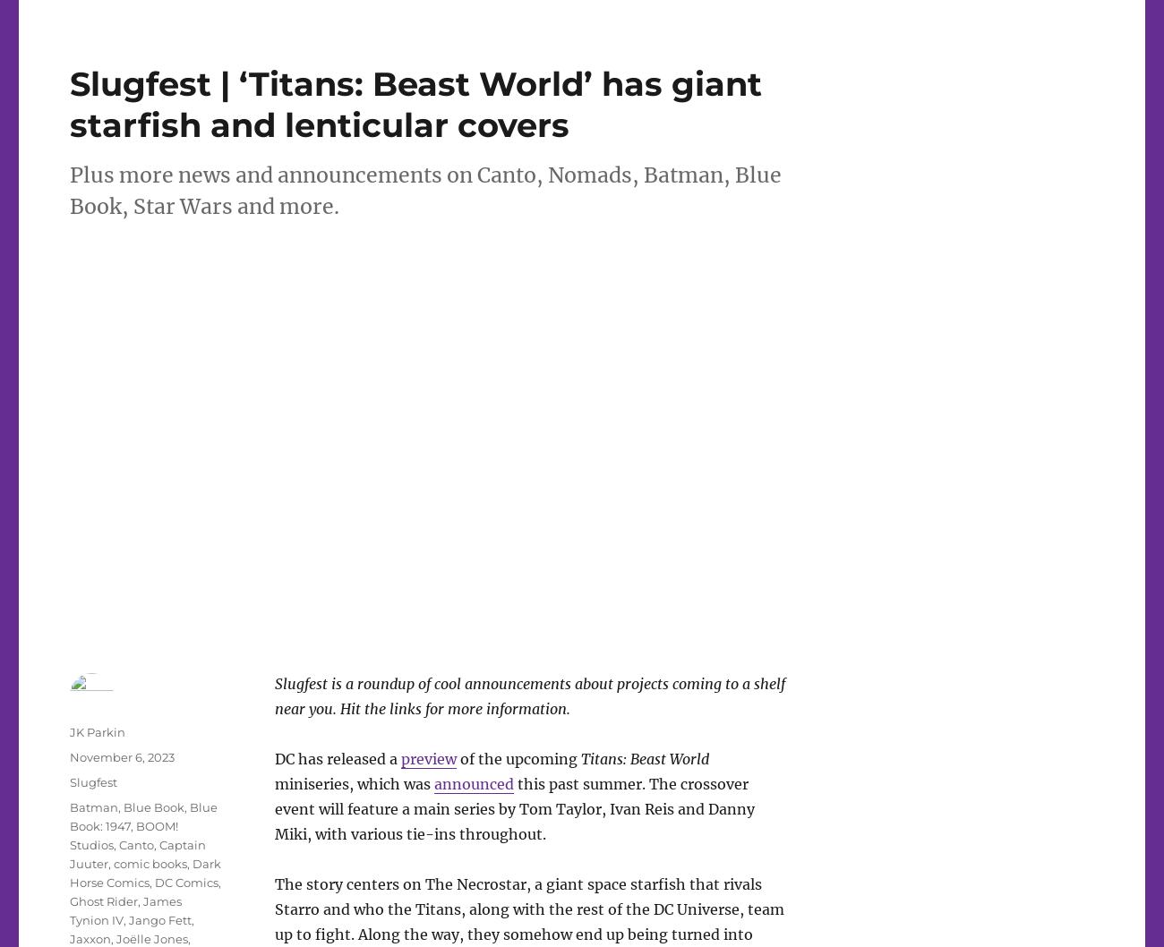  Describe the element at coordinates (424, 190) in the screenshot. I see `'Plus more news and announcements on Canto, Nomads, Batman, Blue Book, Star Wars and more.'` at that location.